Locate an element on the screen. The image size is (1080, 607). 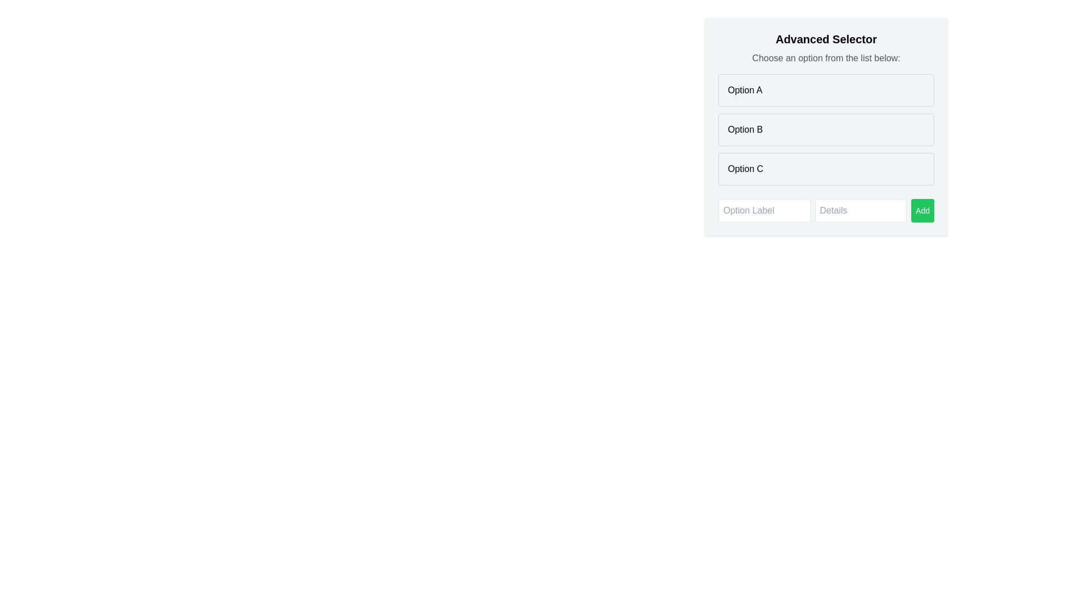
the 'Option B' button, which is a rectangular button with a border and a lightly colored background is located at coordinates (826, 126).